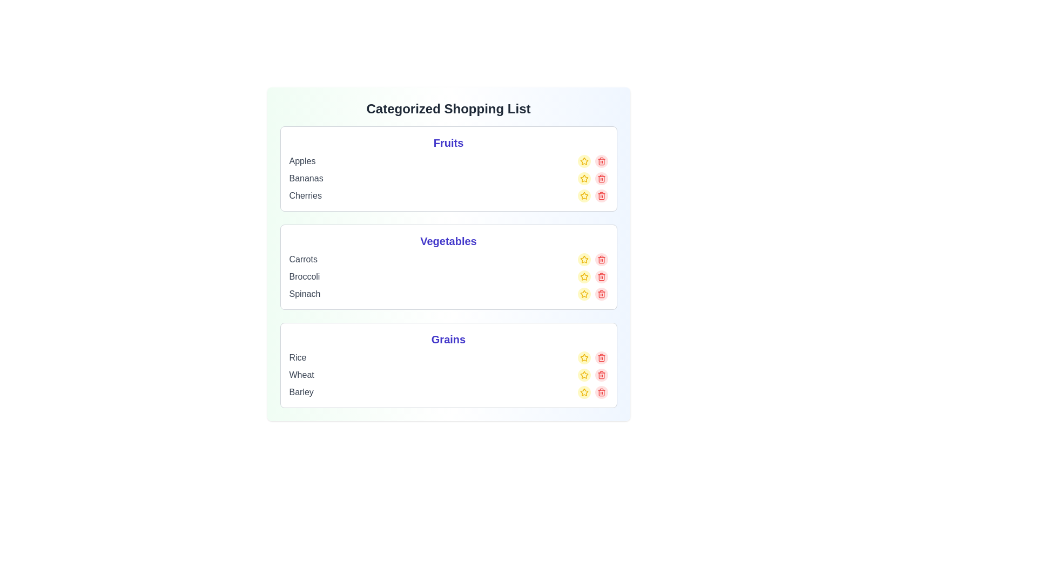 The height and width of the screenshot is (583, 1037). I want to click on the star icon of the item Wheat to mark it as favorite, so click(583, 374).